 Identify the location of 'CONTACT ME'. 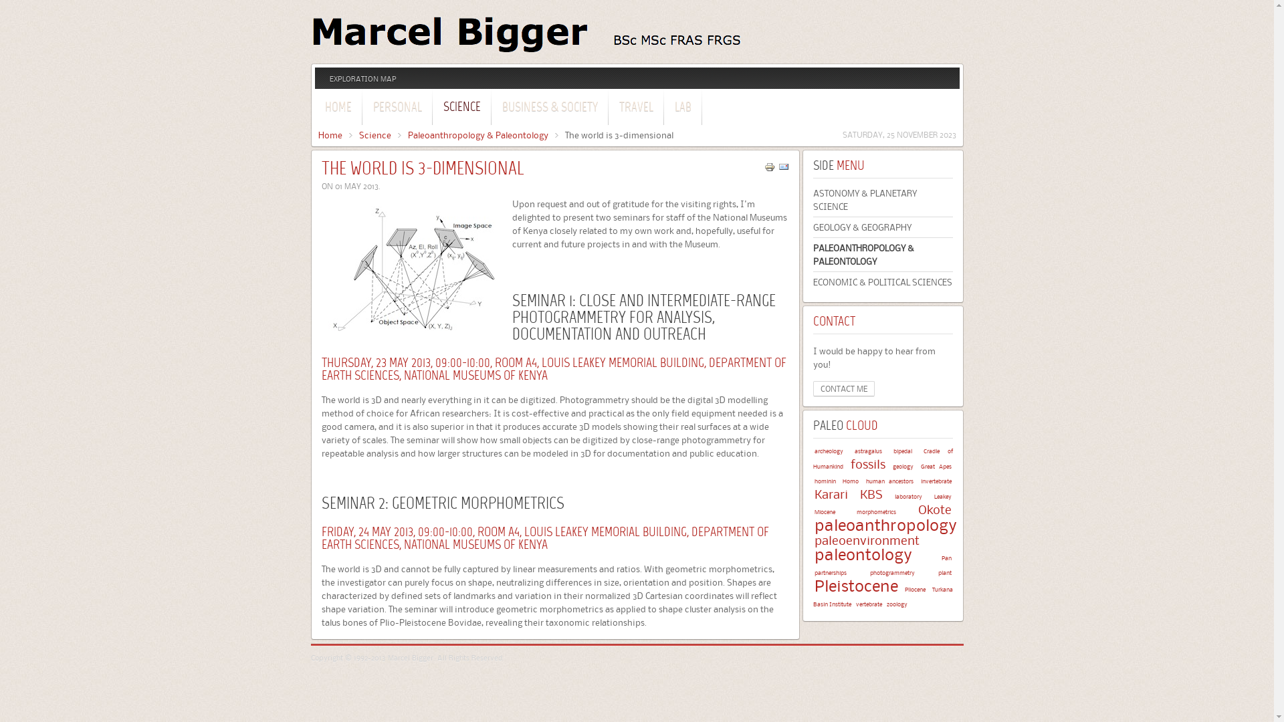
(812, 388).